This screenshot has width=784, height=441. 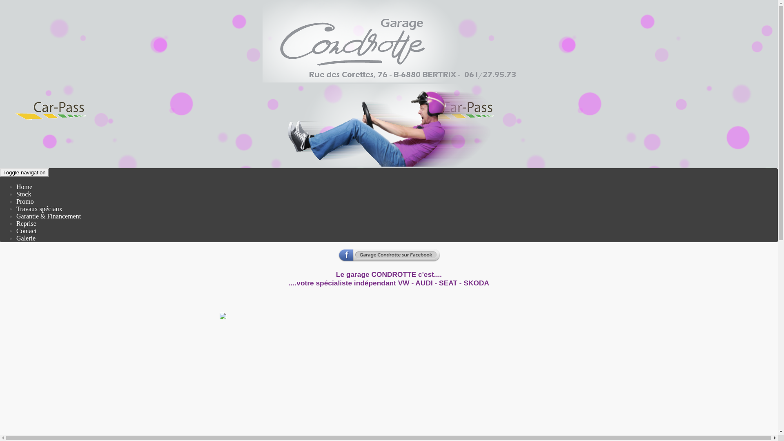 I want to click on 'Contact', so click(x=27, y=231).